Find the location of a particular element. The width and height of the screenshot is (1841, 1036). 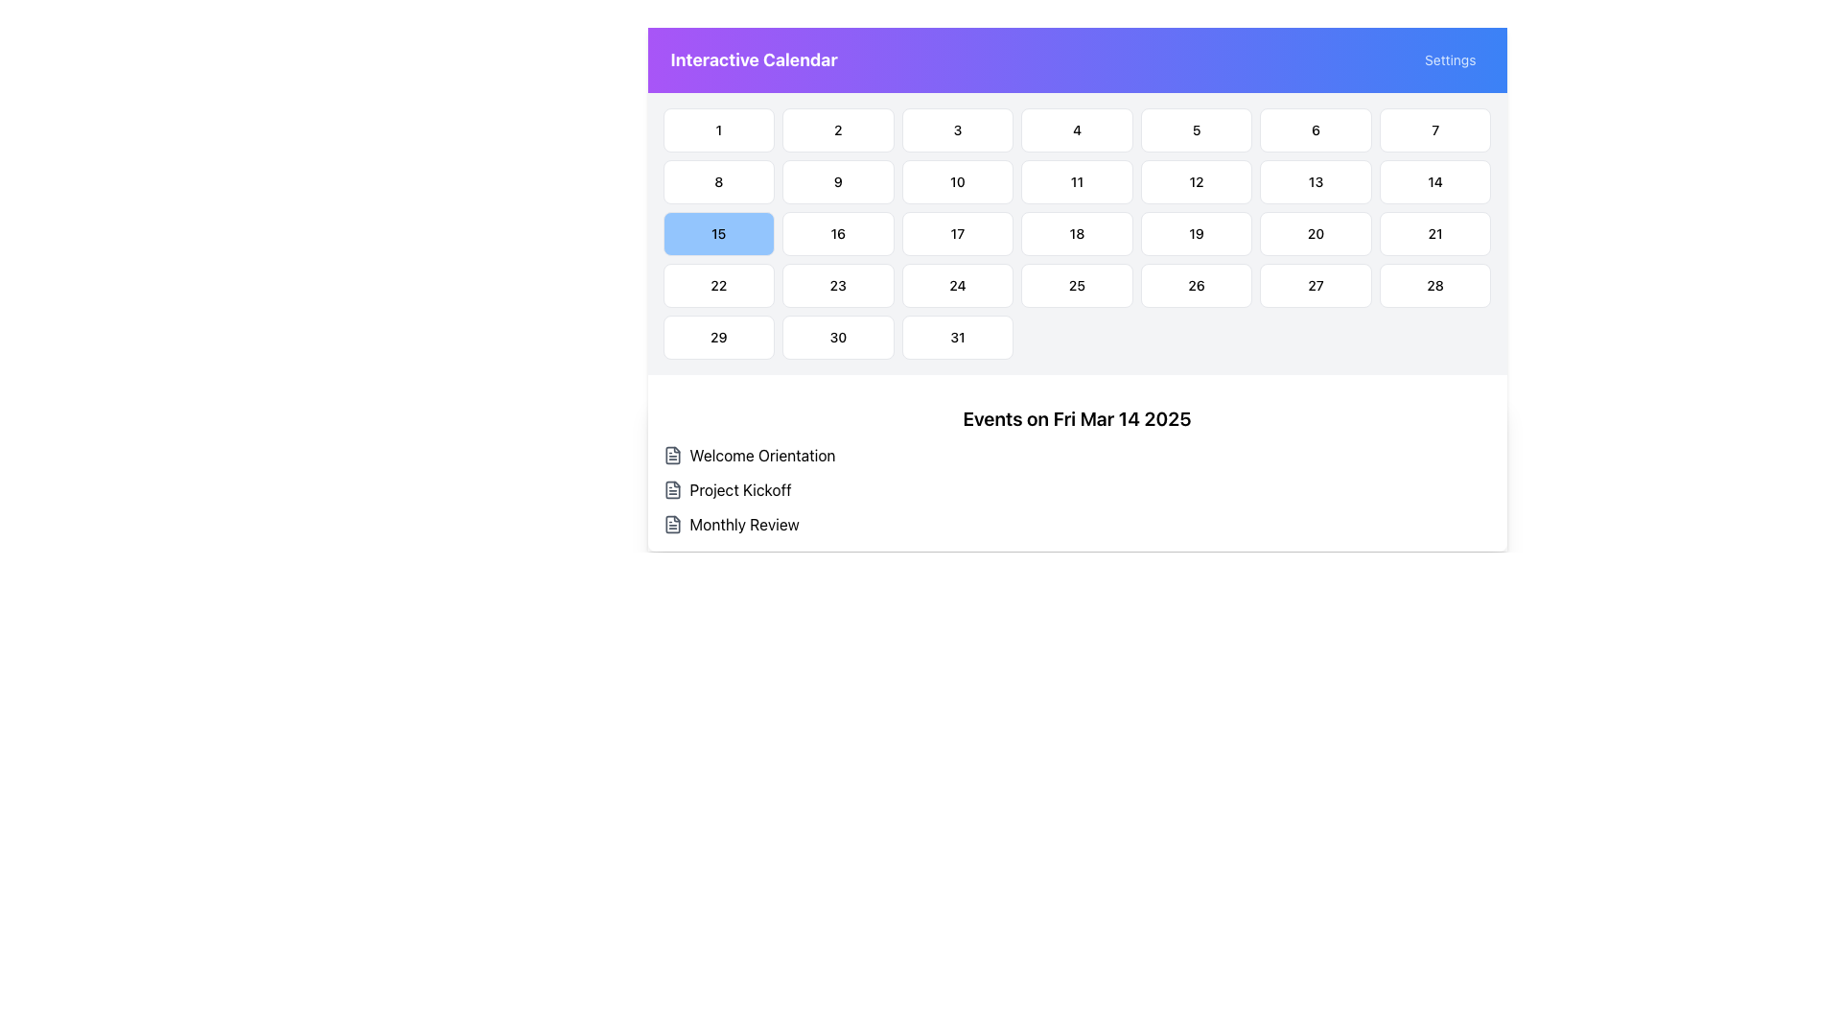

the date '8' in the interactive calendar, which is located in the second row and second column of the calendar grid is located at coordinates (717, 181).